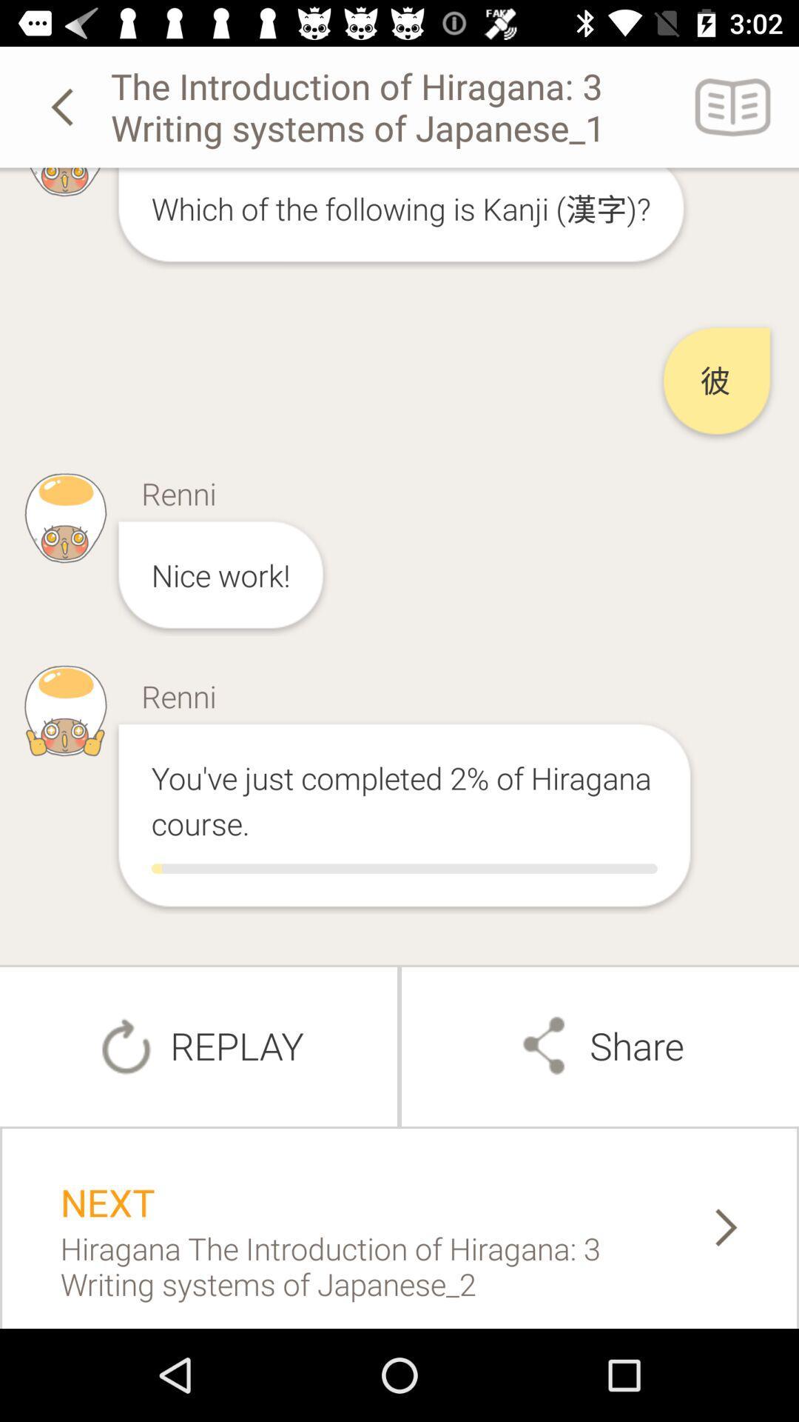  Describe the element at coordinates (733, 106) in the screenshot. I see `the book icon` at that location.